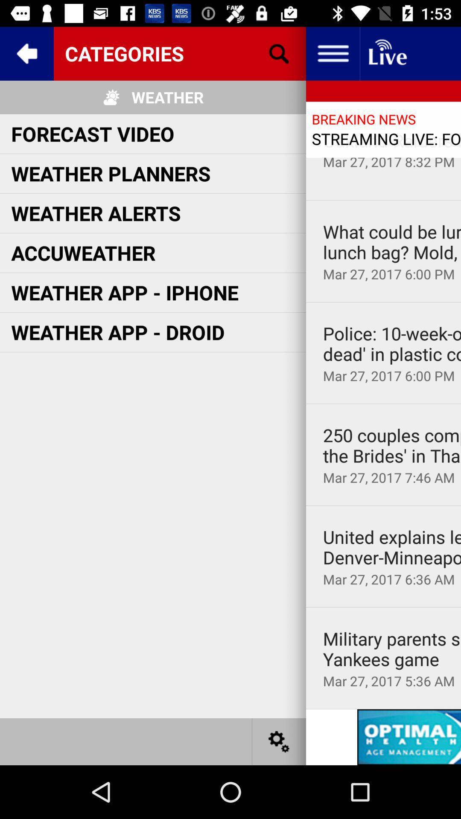 The image size is (461, 819). What do you see at coordinates (383, 505) in the screenshot?
I see `icon above united explains leggings icon` at bounding box center [383, 505].